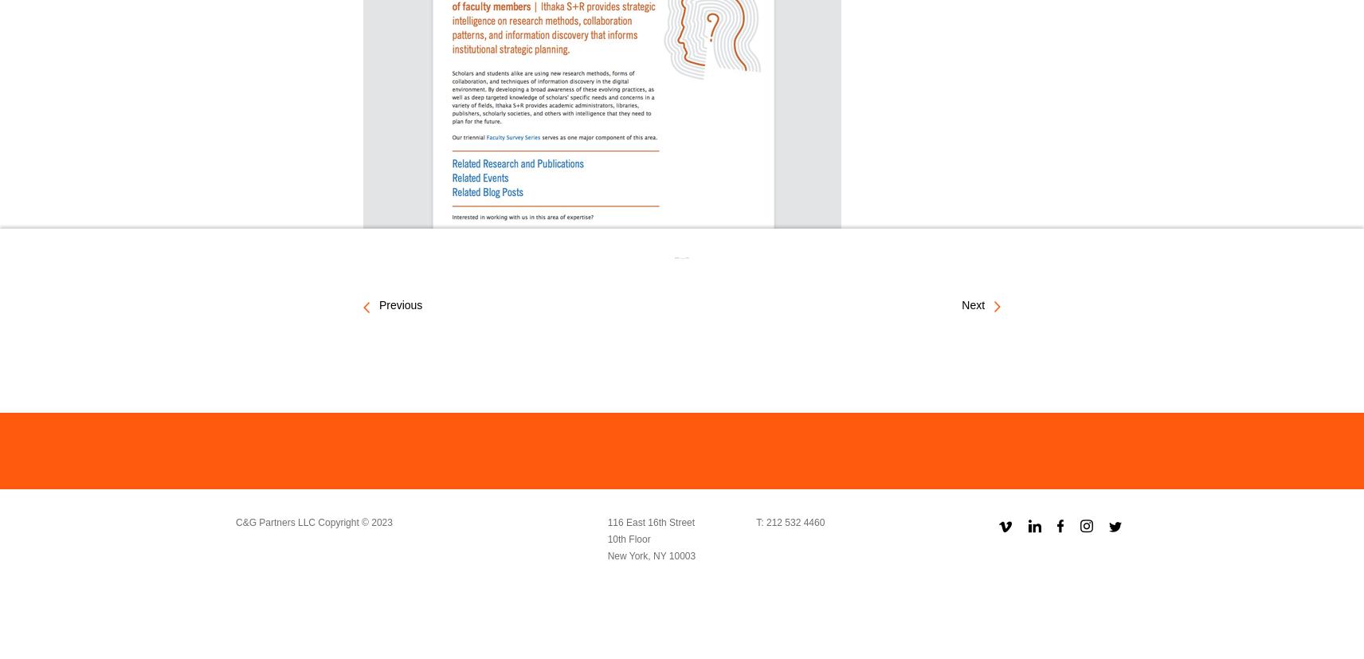  I want to click on 'site for yourself.', so click(586, 260).